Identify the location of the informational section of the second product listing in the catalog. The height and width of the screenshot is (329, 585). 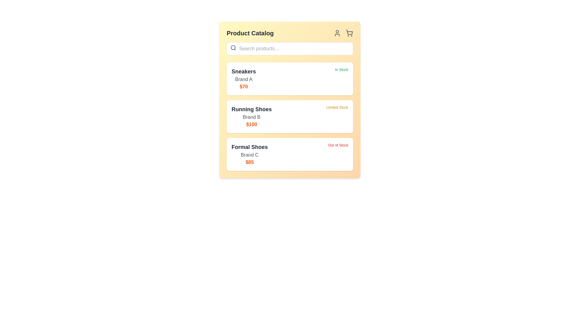
(289, 116).